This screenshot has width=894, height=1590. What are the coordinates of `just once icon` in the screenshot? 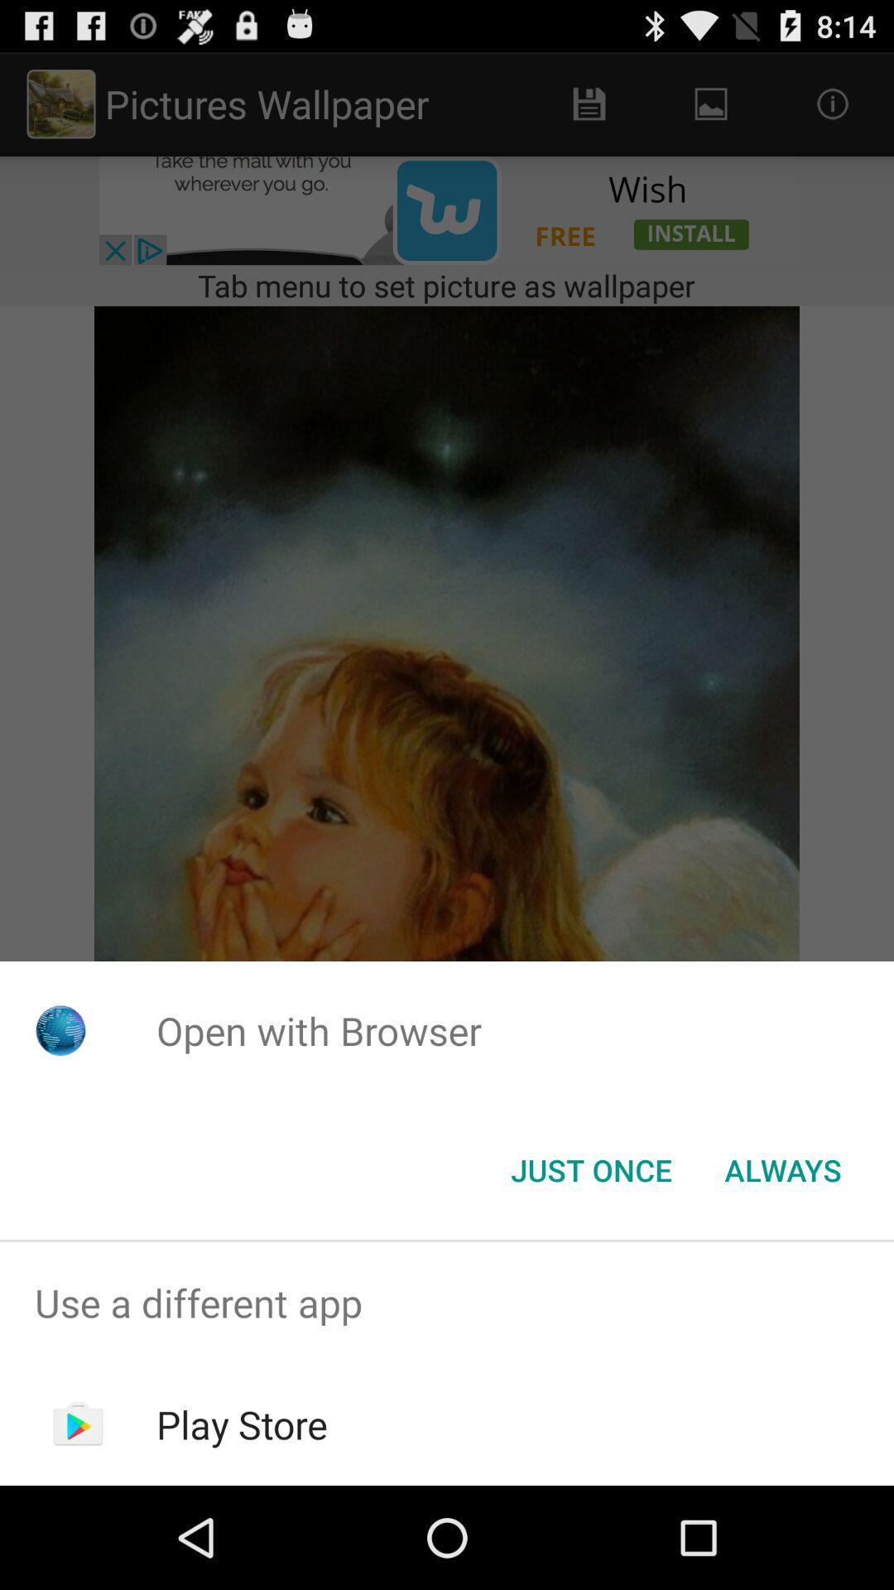 It's located at (590, 1168).